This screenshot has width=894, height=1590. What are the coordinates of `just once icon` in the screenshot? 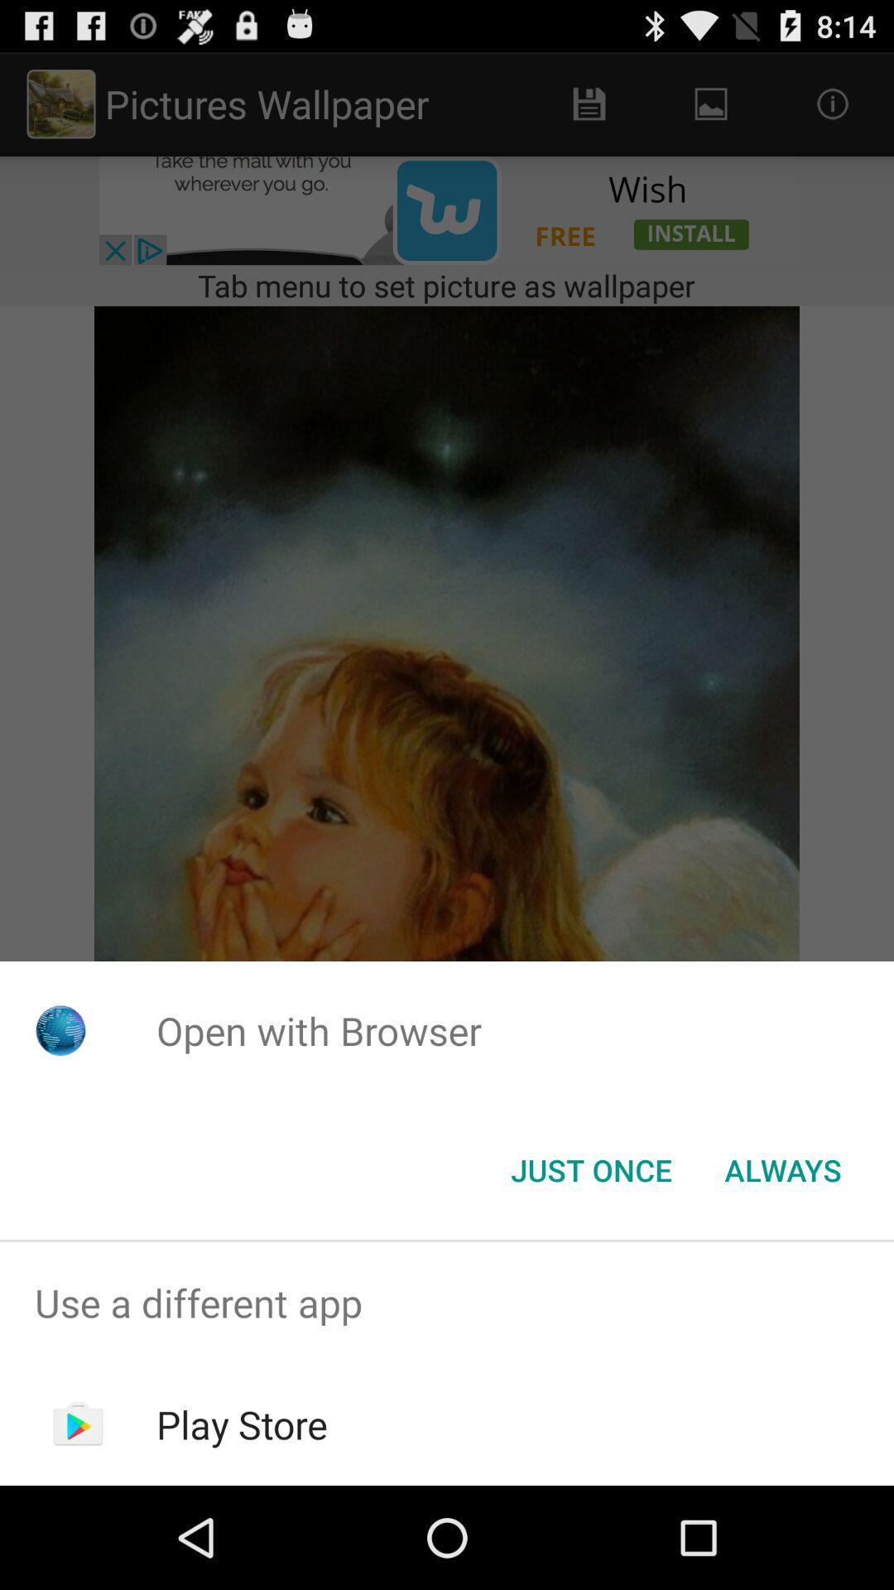 It's located at (590, 1168).